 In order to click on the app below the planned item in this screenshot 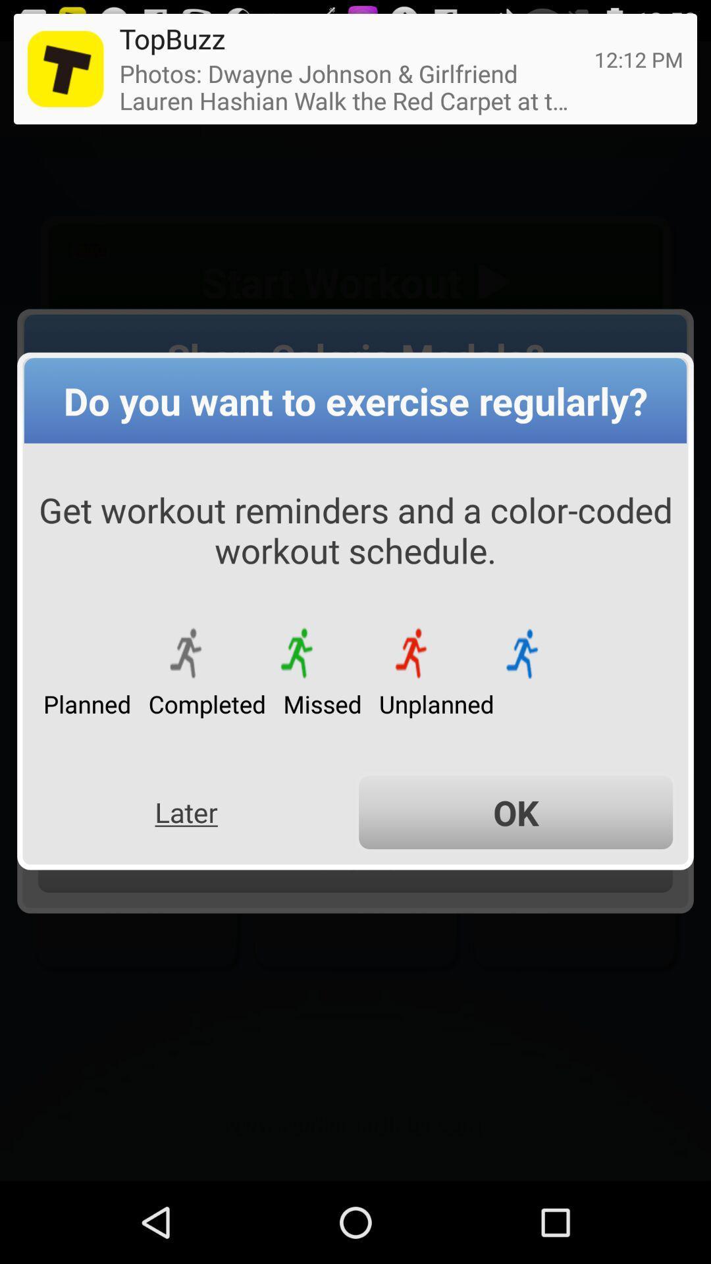, I will do `click(186, 812)`.